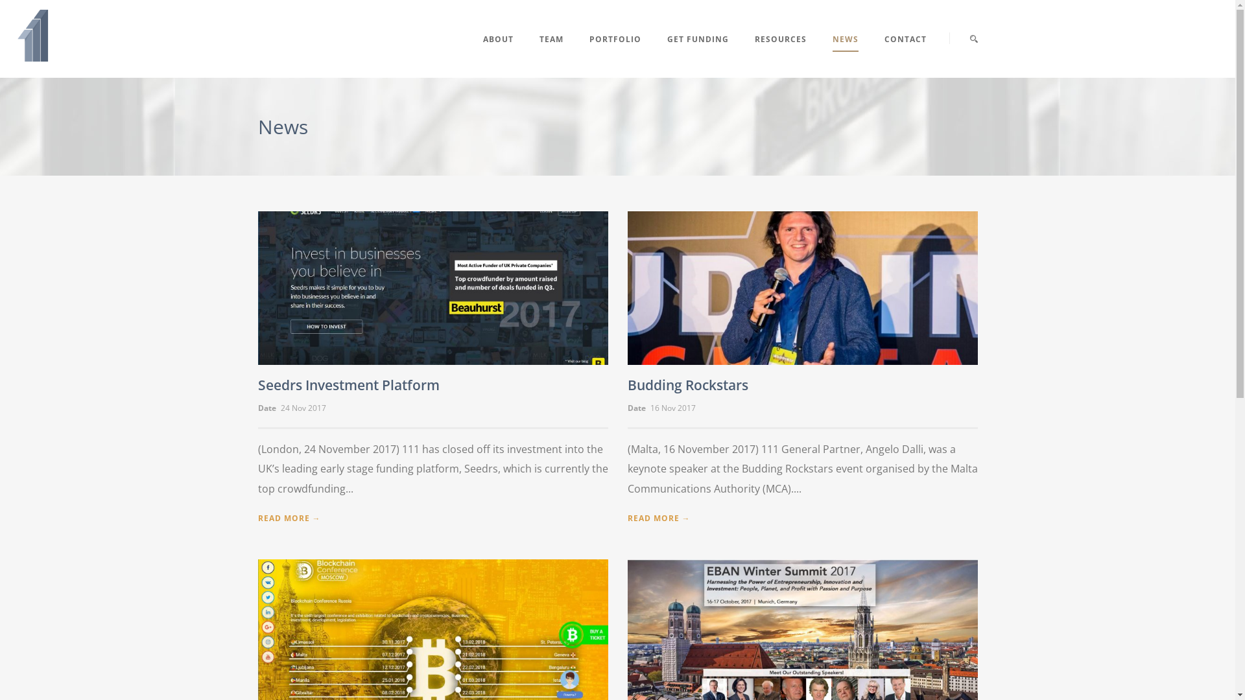 This screenshot has height=700, width=1245. What do you see at coordinates (780, 54) in the screenshot?
I see `'RESOURCES'` at bounding box center [780, 54].